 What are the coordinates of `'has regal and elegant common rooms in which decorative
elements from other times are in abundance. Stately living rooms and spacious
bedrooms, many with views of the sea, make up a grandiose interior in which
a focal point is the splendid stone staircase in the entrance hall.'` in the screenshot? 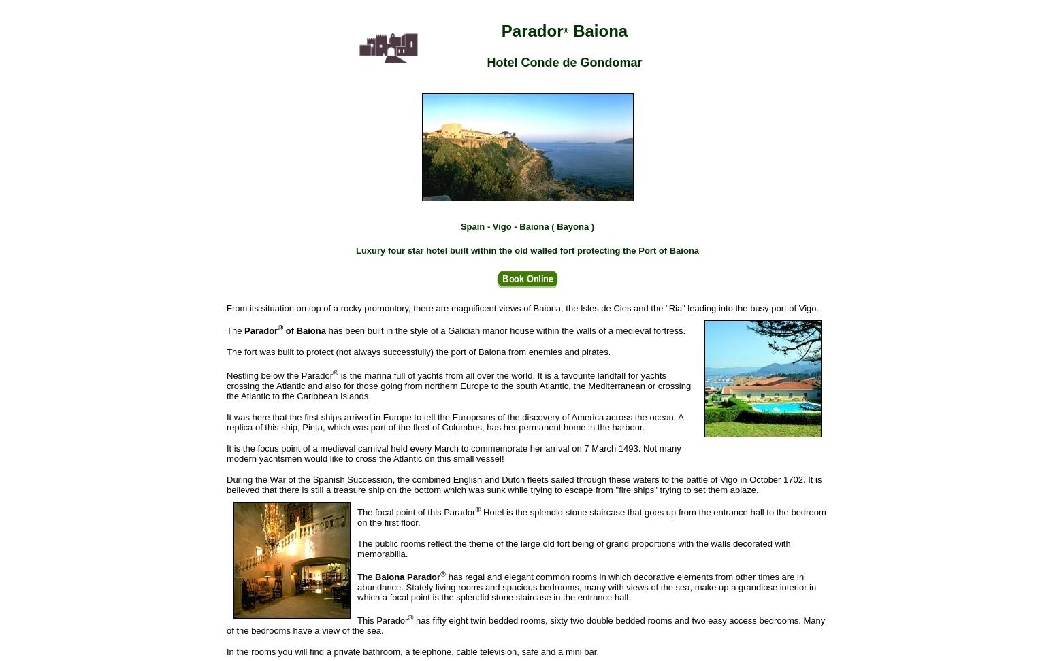 It's located at (586, 587).